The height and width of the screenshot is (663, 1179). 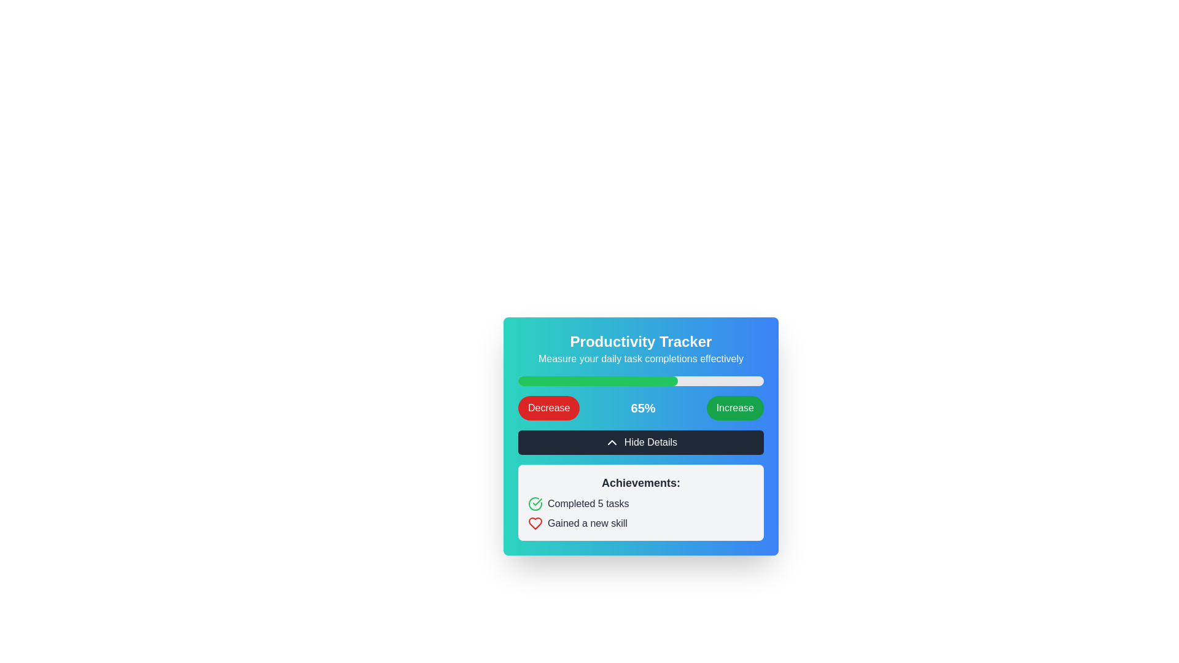 What do you see at coordinates (642, 408) in the screenshot?
I see `the centered text label displaying '65%' which is positioned between the 'Decrease' button on the left and the 'Increase' button on the right` at bounding box center [642, 408].